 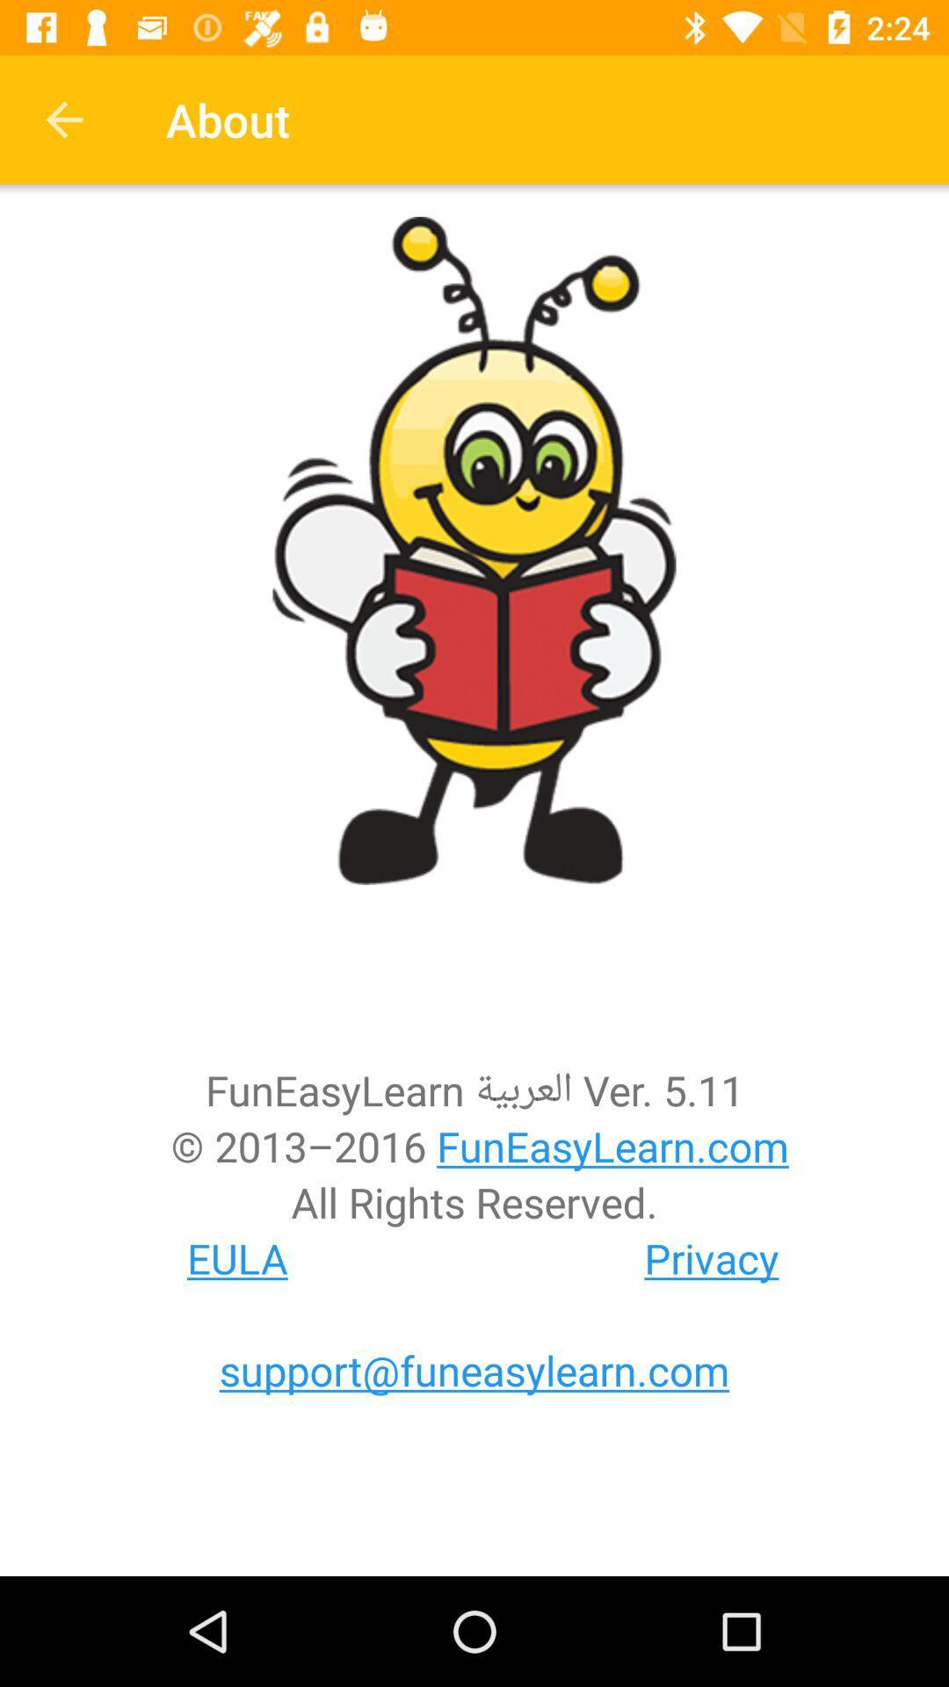 I want to click on icon below the all rights reserved., so click(x=712, y=1257).